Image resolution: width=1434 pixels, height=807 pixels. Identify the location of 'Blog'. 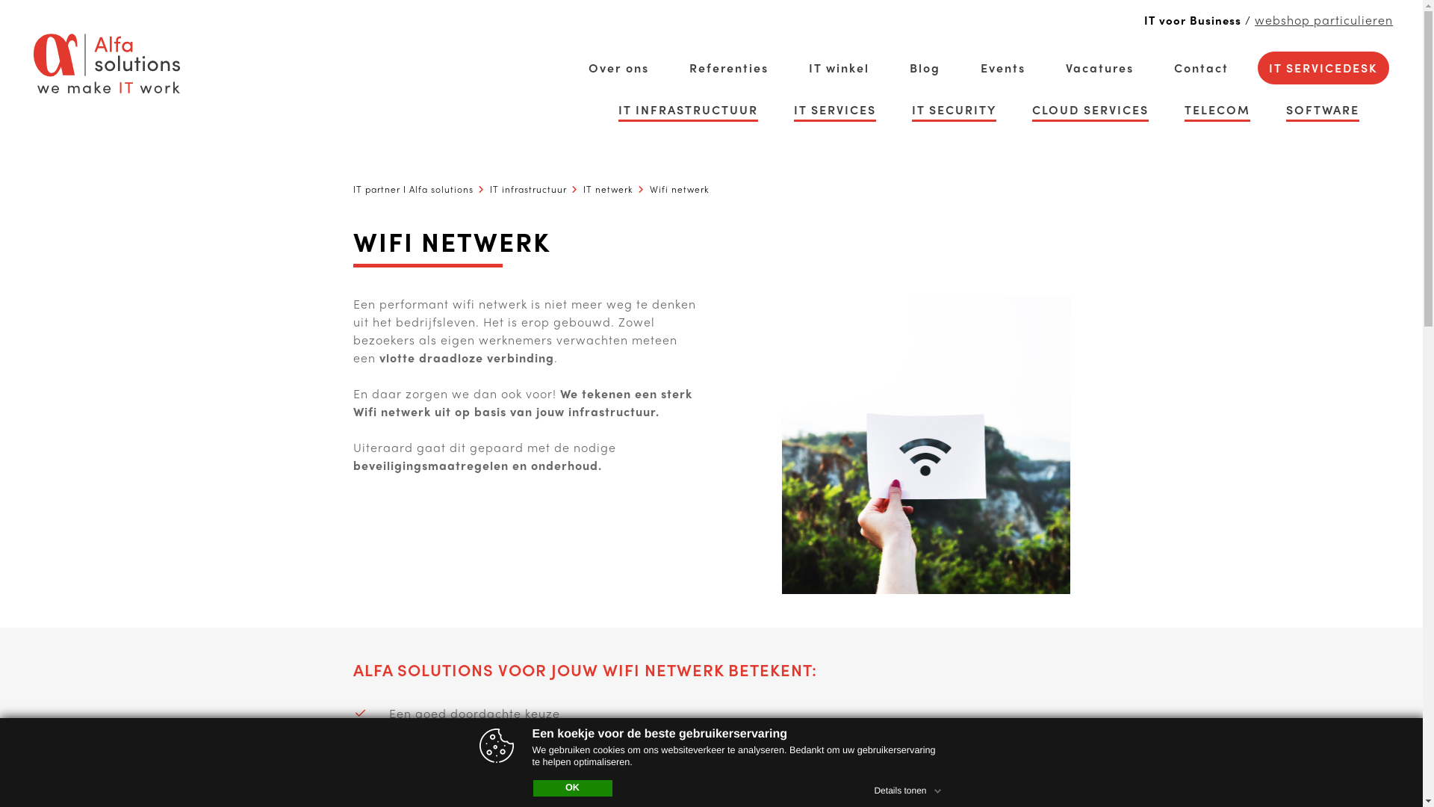
(924, 68).